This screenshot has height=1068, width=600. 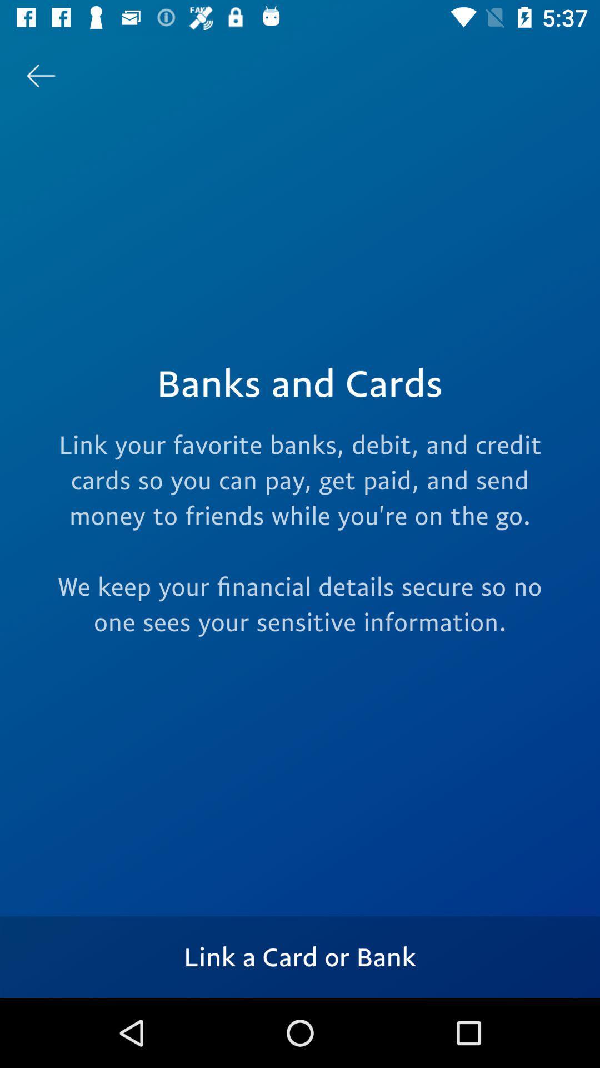 I want to click on the icon above link your favorite item, so click(x=40, y=75).